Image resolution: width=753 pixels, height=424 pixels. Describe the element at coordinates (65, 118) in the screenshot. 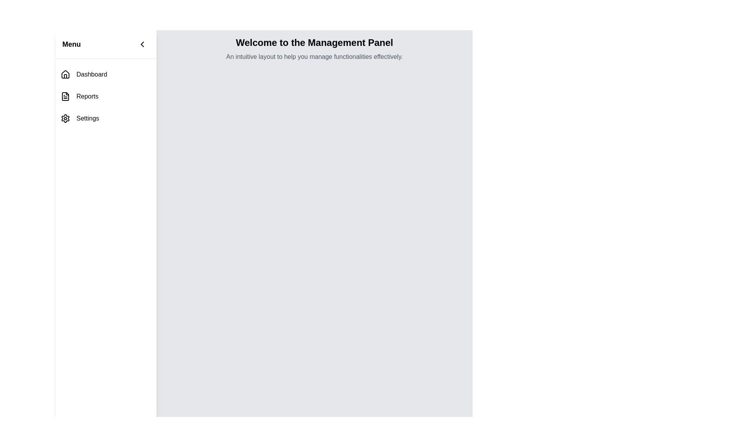

I see `the gear icon in the 'Settings' section of the left side navigation menu` at that location.